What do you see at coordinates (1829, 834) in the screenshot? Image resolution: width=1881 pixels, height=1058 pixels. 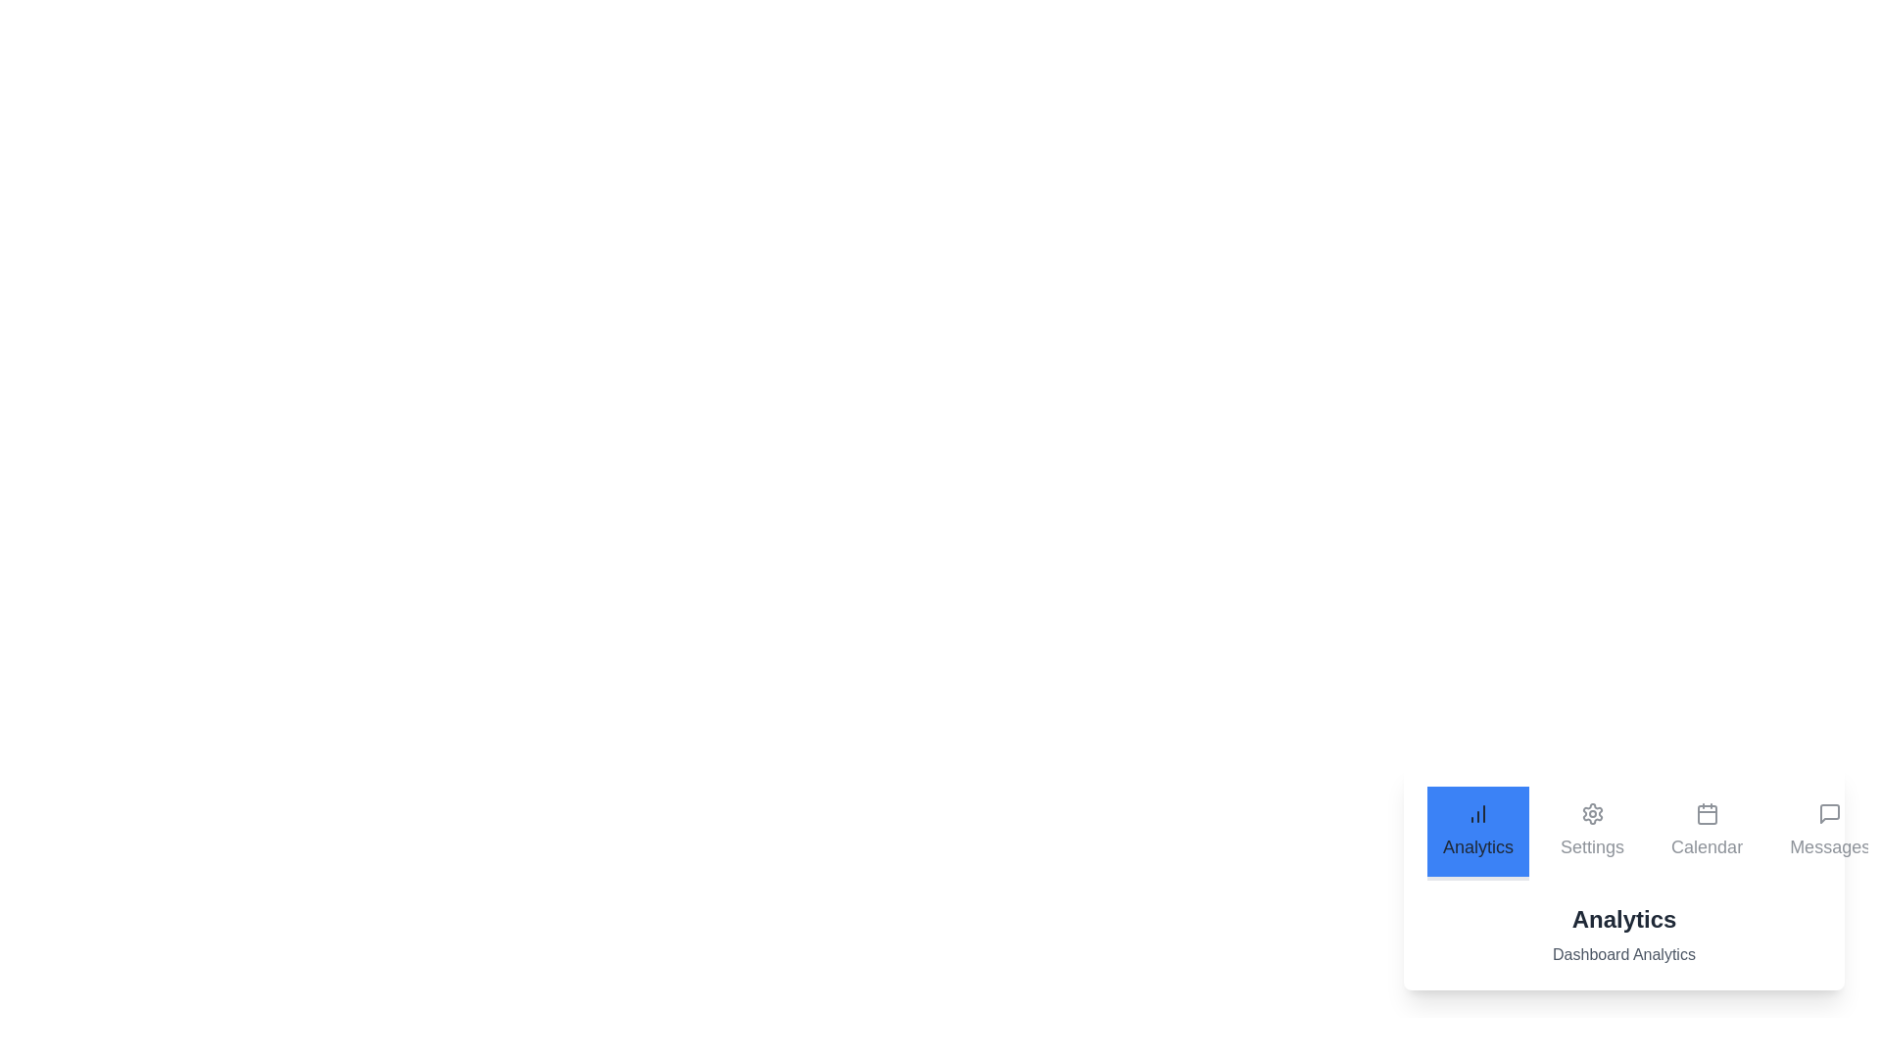 I see `the Messages tab to observe its content` at bounding box center [1829, 834].